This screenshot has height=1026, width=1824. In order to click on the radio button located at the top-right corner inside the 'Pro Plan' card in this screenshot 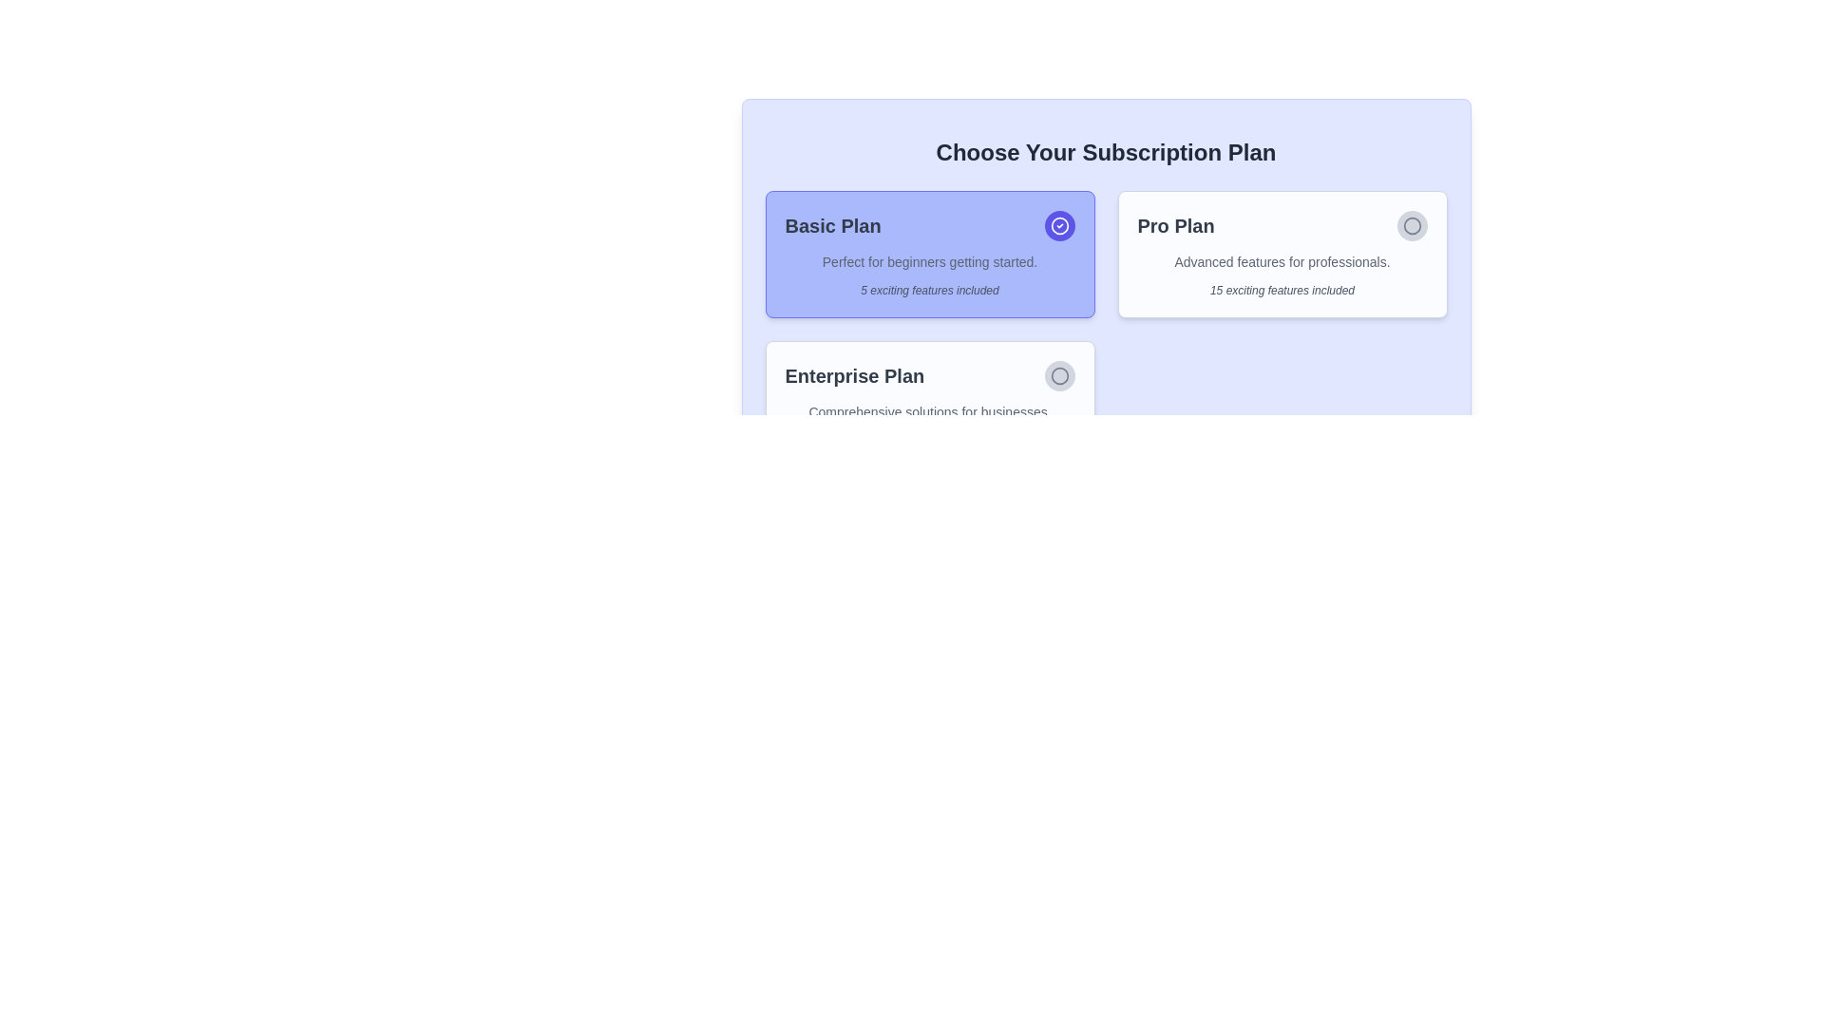, I will do `click(1412, 225)`.